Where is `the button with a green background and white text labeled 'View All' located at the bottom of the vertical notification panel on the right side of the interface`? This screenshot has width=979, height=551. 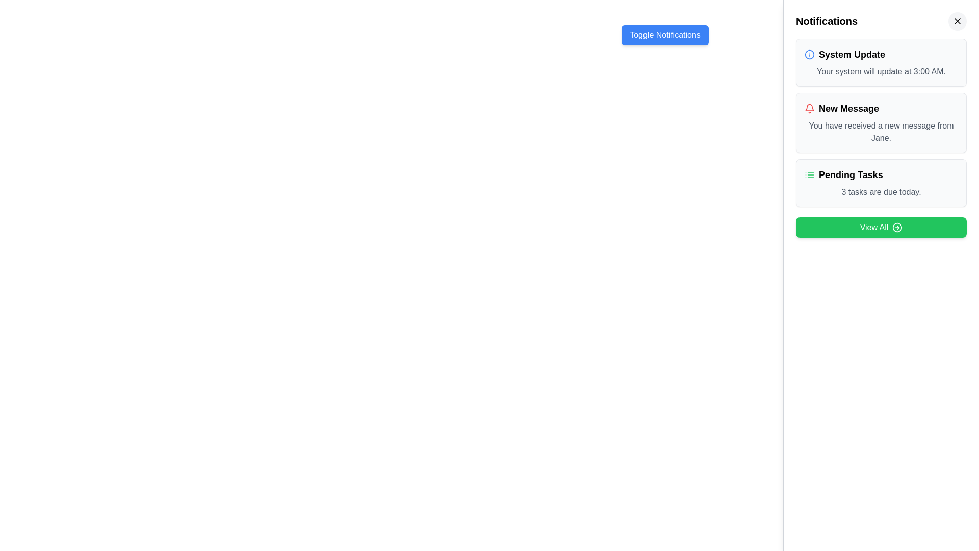
the button with a green background and white text labeled 'View All' located at the bottom of the vertical notification panel on the right side of the interface is located at coordinates (897, 227).